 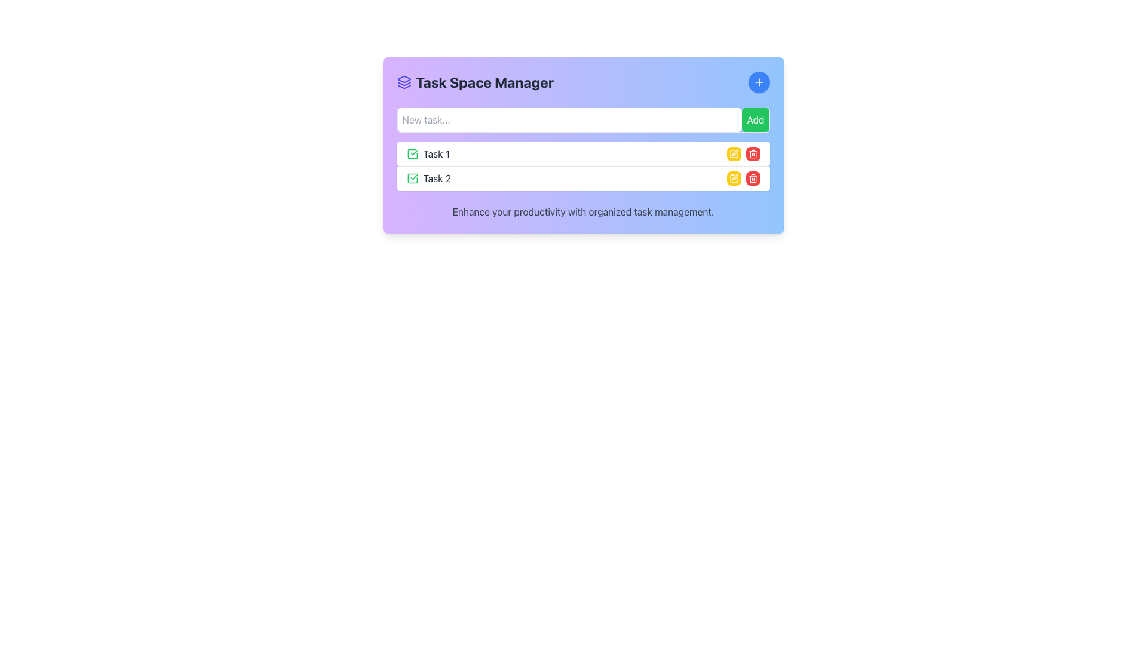 I want to click on the edit button, which is the first interactive button on the right side of the row for 'Task 2' and has a pen icon, so click(x=733, y=179).